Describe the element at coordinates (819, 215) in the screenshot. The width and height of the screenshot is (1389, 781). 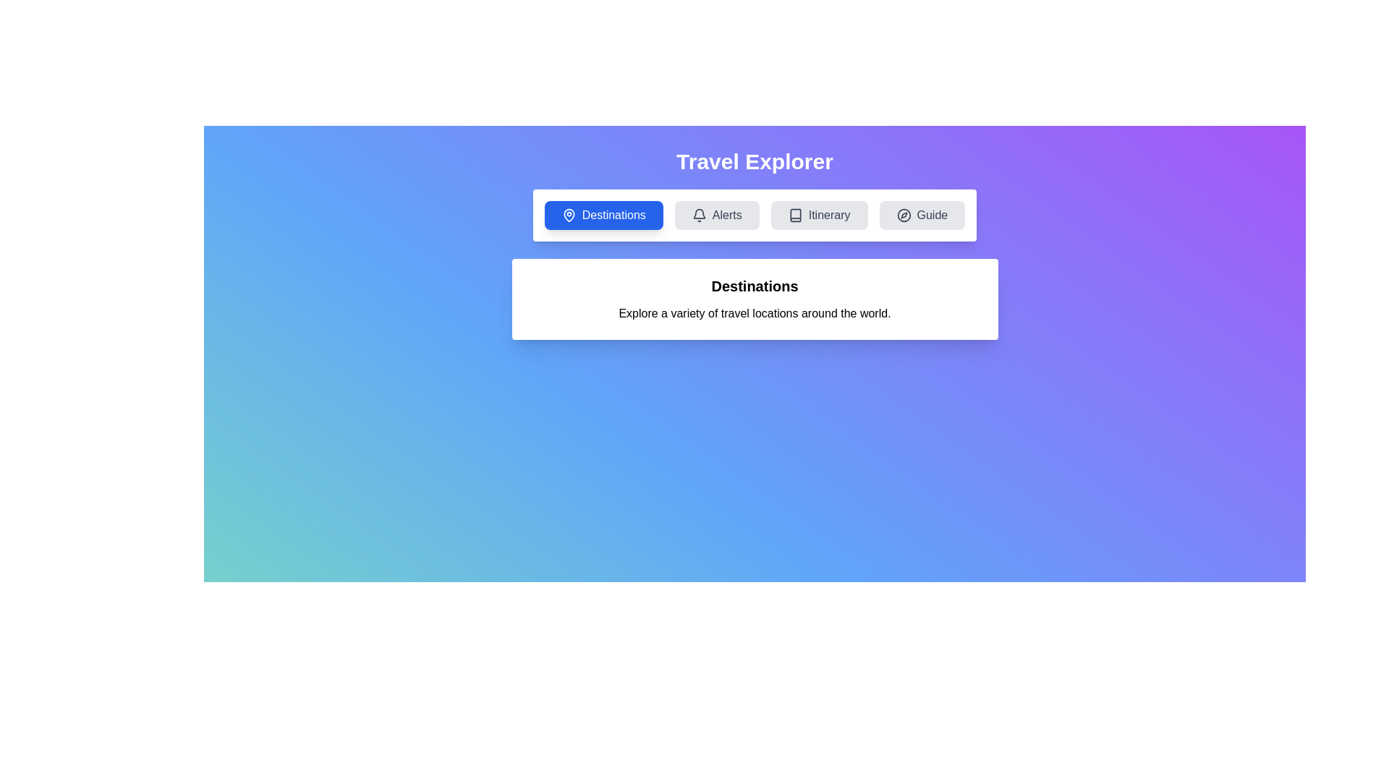
I see `the tab labeled Itinerary` at that location.